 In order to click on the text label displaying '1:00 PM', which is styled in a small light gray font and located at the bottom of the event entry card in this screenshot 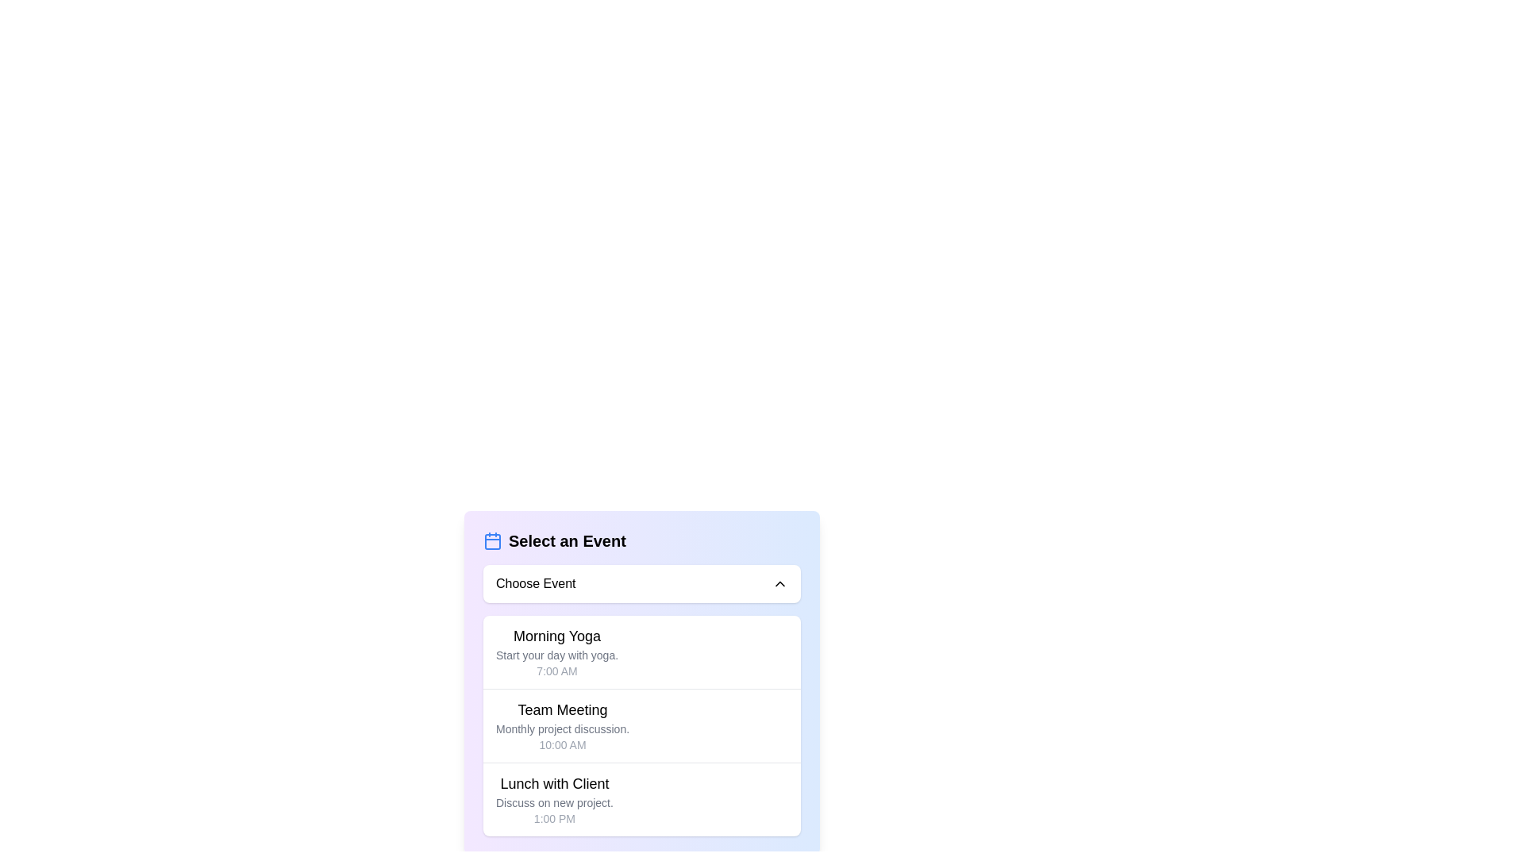, I will do `click(554, 819)`.